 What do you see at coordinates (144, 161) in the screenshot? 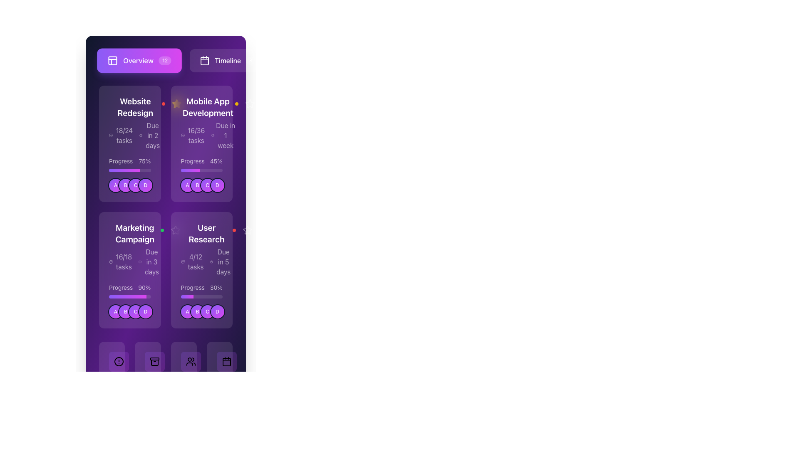
I see `the text label displaying '75%' in white on a dark purple background, which indicates progress for 'Website Redesign.'` at bounding box center [144, 161].